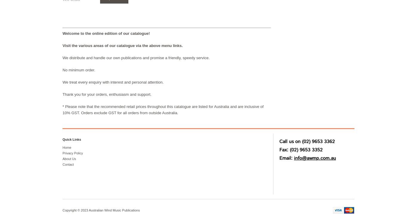 This screenshot has width=417, height=221. Describe the element at coordinates (301, 150) in the screenshot. I see `'Fax: (02) 9653 3352'` at that location.